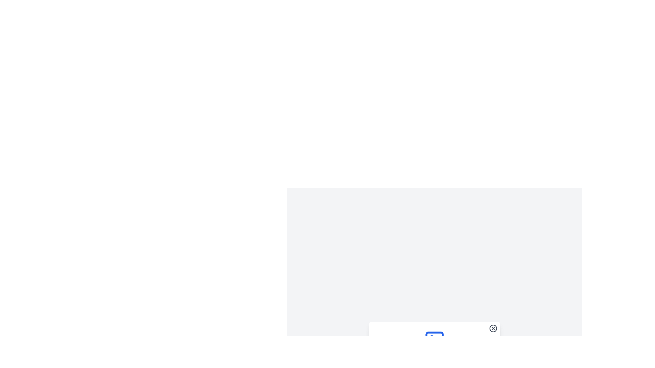 Image resolution: width=655 pixels, height=368 pixels. I want to click on the appearance of the circular close icon with a cross inside, which has a dark border and a transparent background, located towards the bottom-right corner of the interface, so click(493, 328).